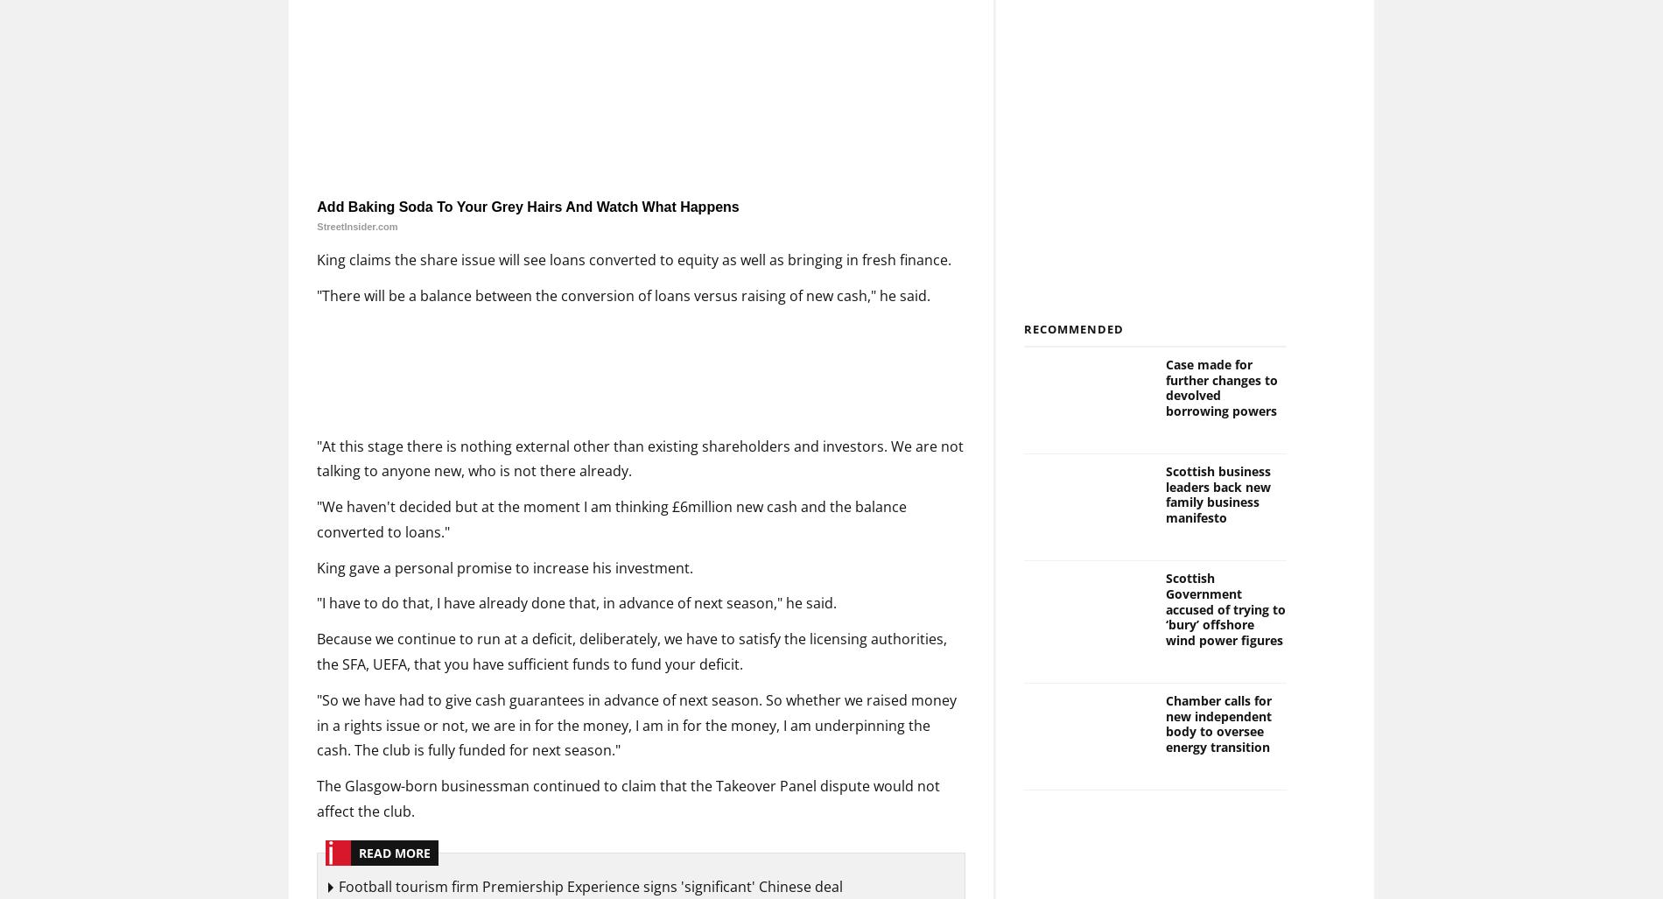  Describe the element at coordinates (315, 518) in the screenshot. I see `'"We haven't decided but at the moment I am thinking £6million new cash and the balance converted to loans."'` at that location.